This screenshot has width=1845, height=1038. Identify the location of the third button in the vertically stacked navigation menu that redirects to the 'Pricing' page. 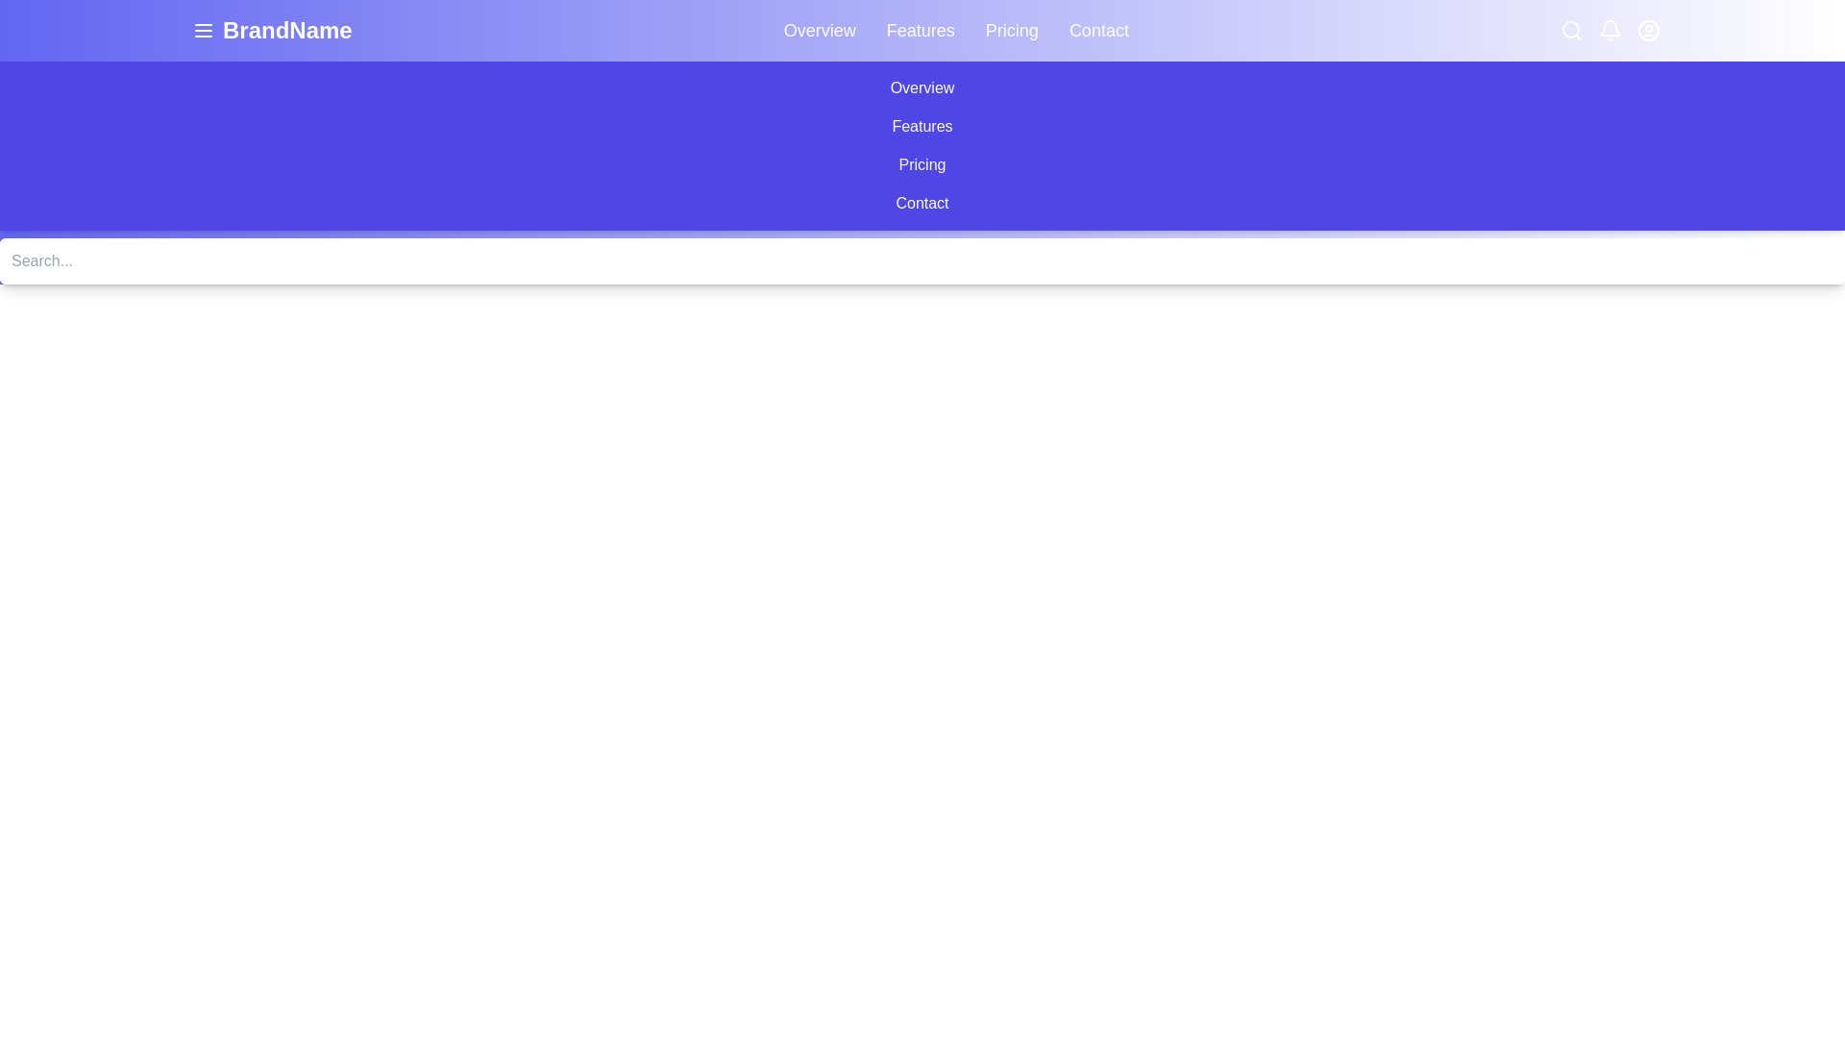
(922, 164).